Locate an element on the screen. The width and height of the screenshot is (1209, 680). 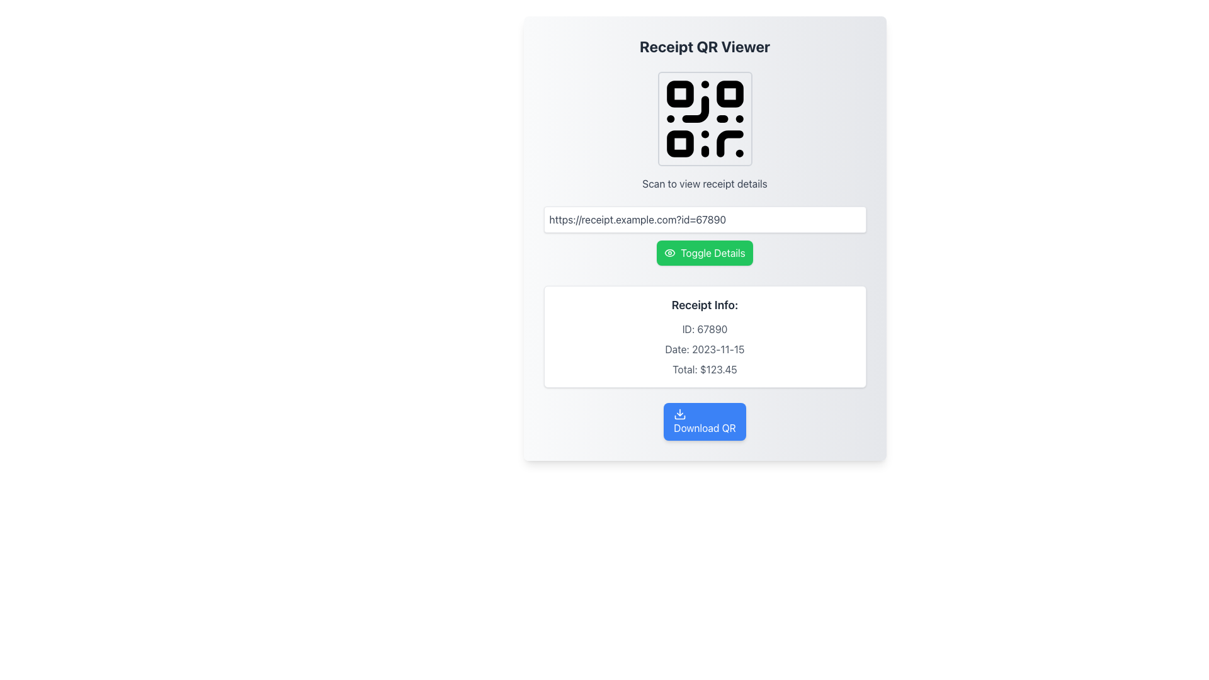
the 'Toggle Details' button with a green background and an eye icon is located at coordinates (704, 252).